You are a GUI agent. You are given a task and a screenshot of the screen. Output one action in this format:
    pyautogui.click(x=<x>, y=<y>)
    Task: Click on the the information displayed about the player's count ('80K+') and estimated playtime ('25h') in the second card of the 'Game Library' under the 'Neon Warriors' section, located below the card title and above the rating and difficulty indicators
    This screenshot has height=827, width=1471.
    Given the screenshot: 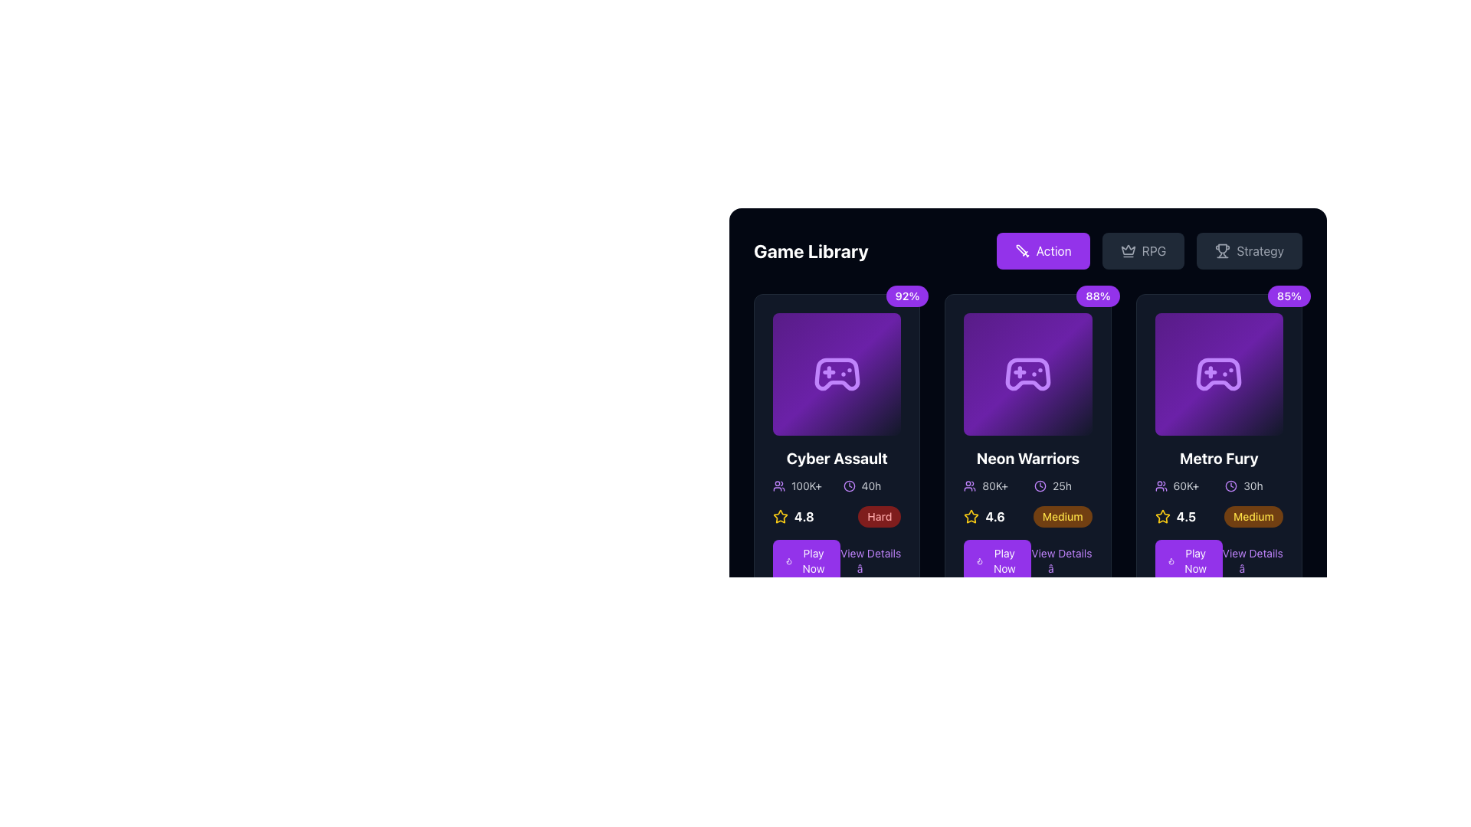 What is the action you would take?
    pyautogui.click(x=1028, y=486)
    